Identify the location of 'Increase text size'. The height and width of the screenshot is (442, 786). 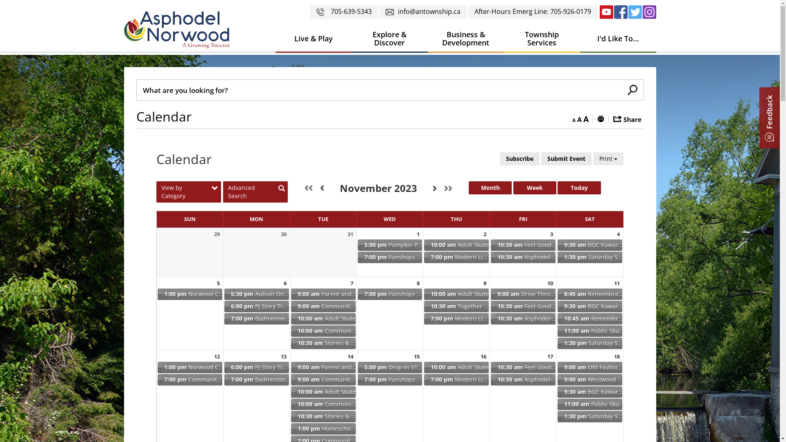
(585, 118).